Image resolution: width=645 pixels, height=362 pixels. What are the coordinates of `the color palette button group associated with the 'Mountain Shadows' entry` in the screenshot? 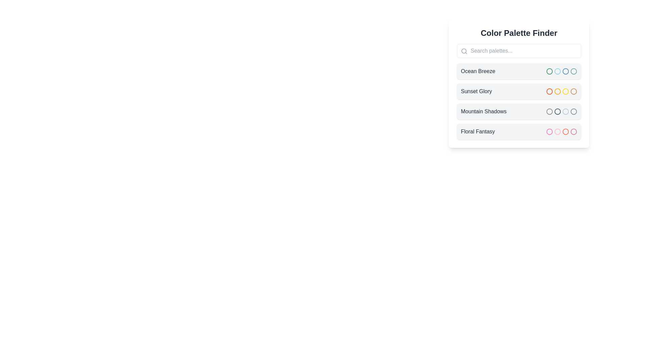 It's located at (561, 111).